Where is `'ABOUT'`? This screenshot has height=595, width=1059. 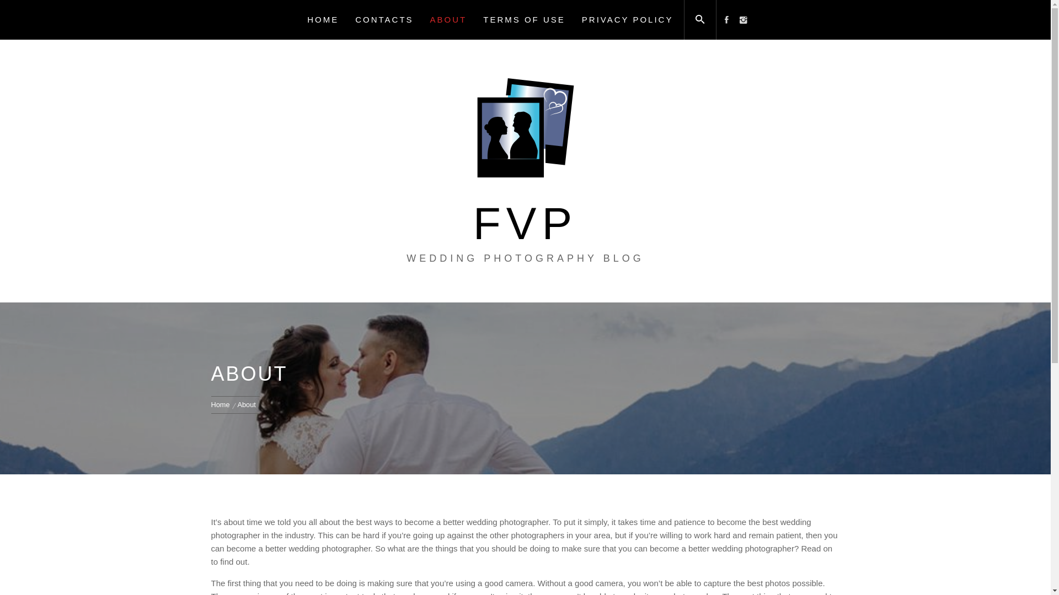 'ABOUT' is located at coordinates (448, 19).